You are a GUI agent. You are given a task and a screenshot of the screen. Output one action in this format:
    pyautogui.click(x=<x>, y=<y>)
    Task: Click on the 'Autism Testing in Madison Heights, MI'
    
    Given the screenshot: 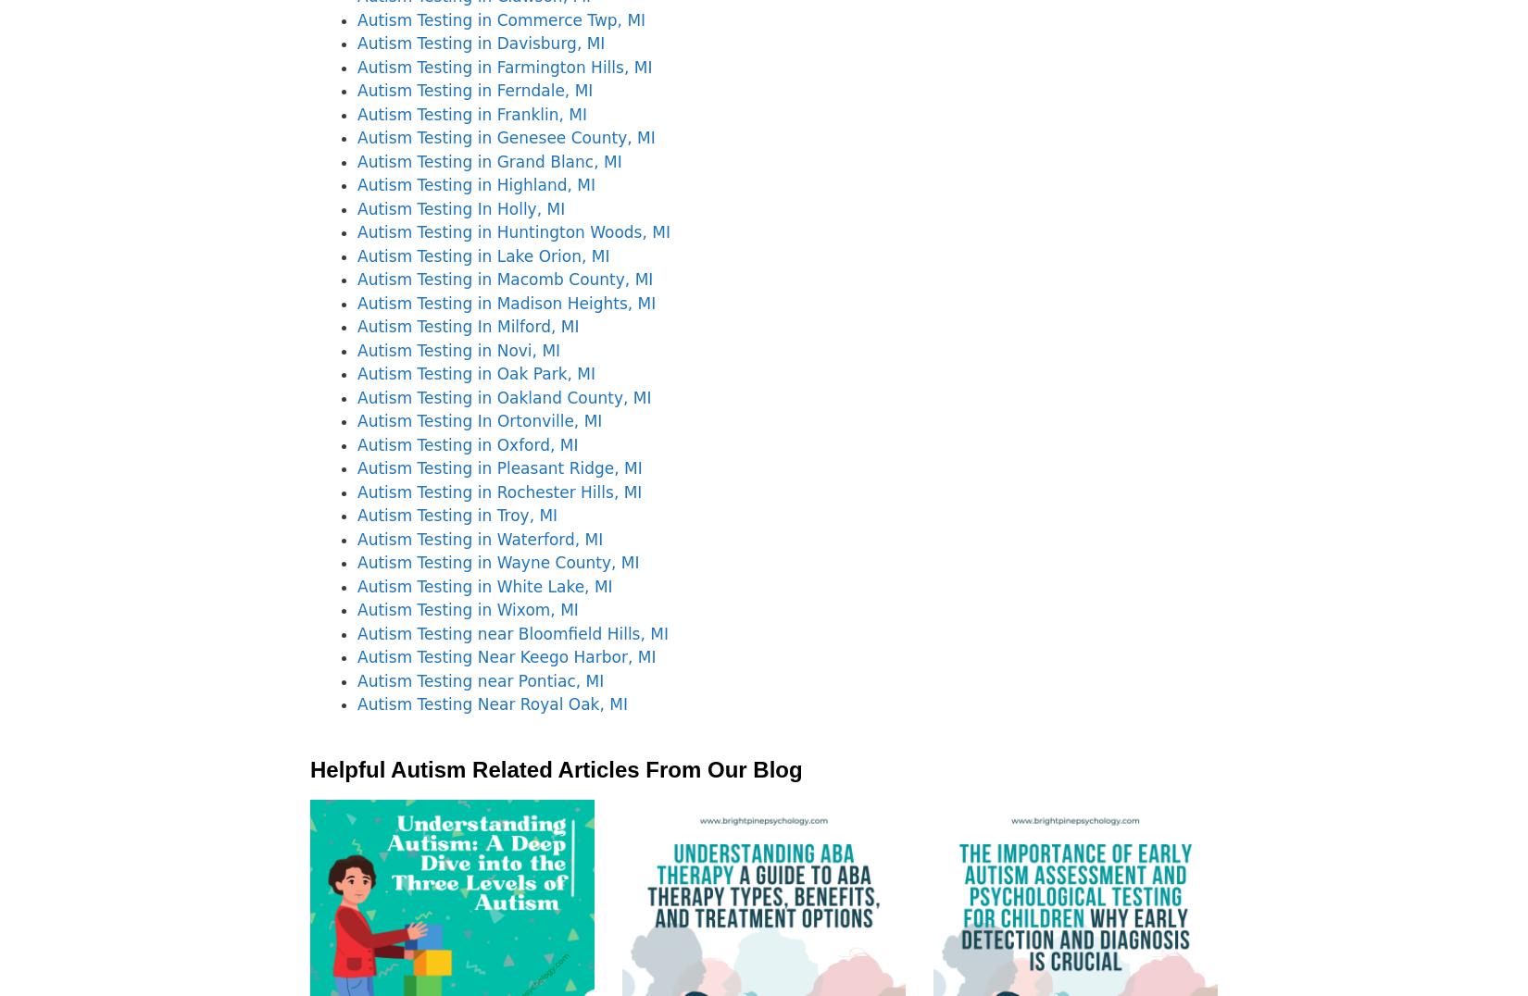 What is the action you would take?
    pyautogui.click(x=505, y=302)
    